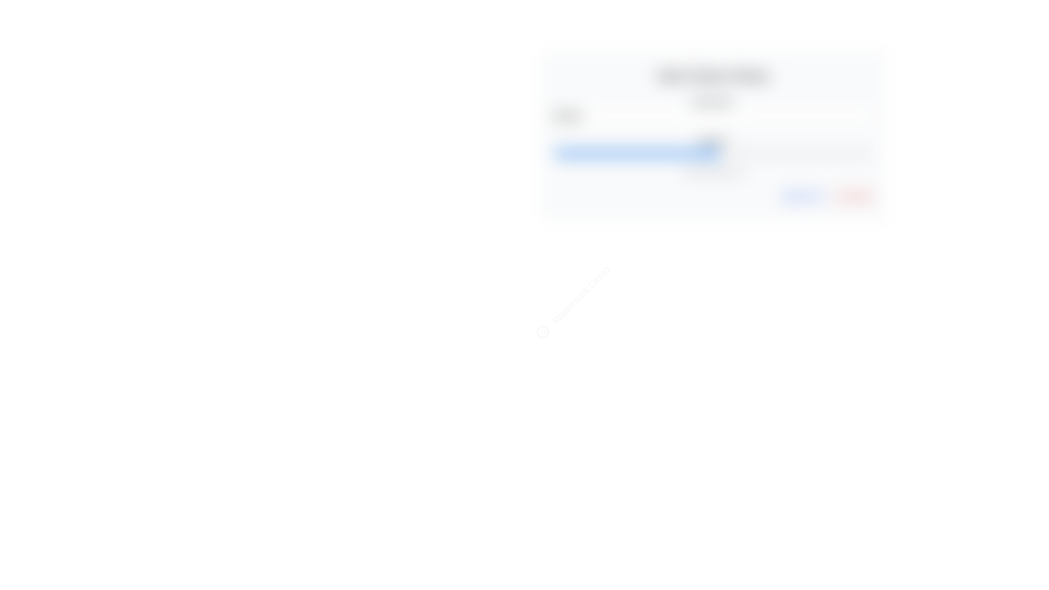 The width and height of the screenshot is (1049, 590). What do you see at coordinates (696, 154) in the screenshot?
I see `intensity` at bounding box center [696, 154].